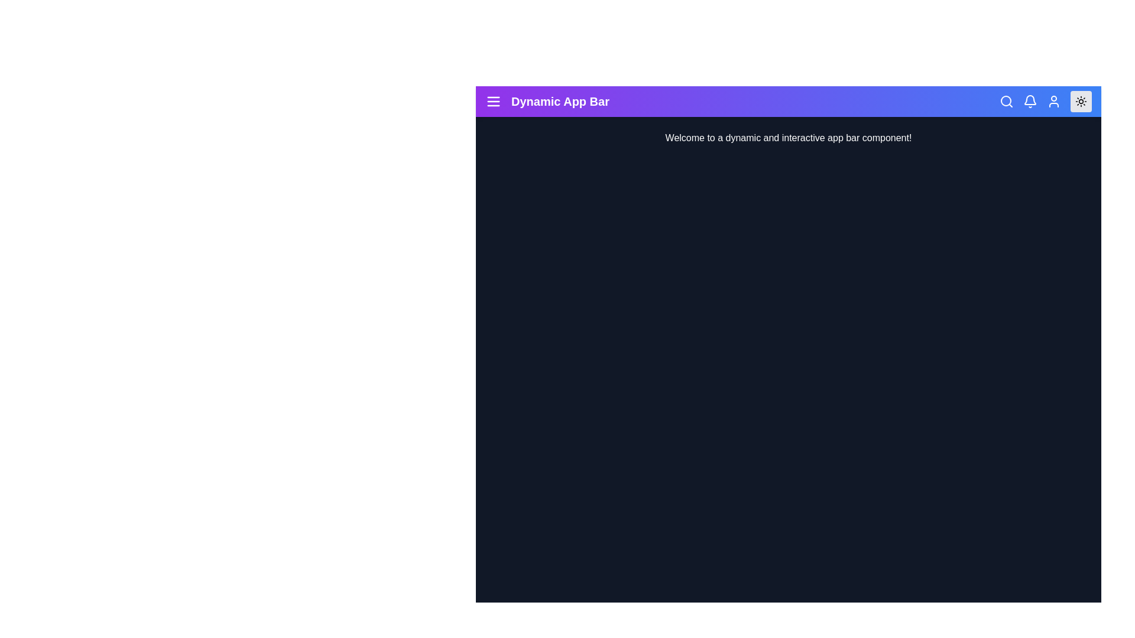 The height and width of the screenshot is (638, 1135). I want to click on the user profile icon to access user options, so click(1053, 101).